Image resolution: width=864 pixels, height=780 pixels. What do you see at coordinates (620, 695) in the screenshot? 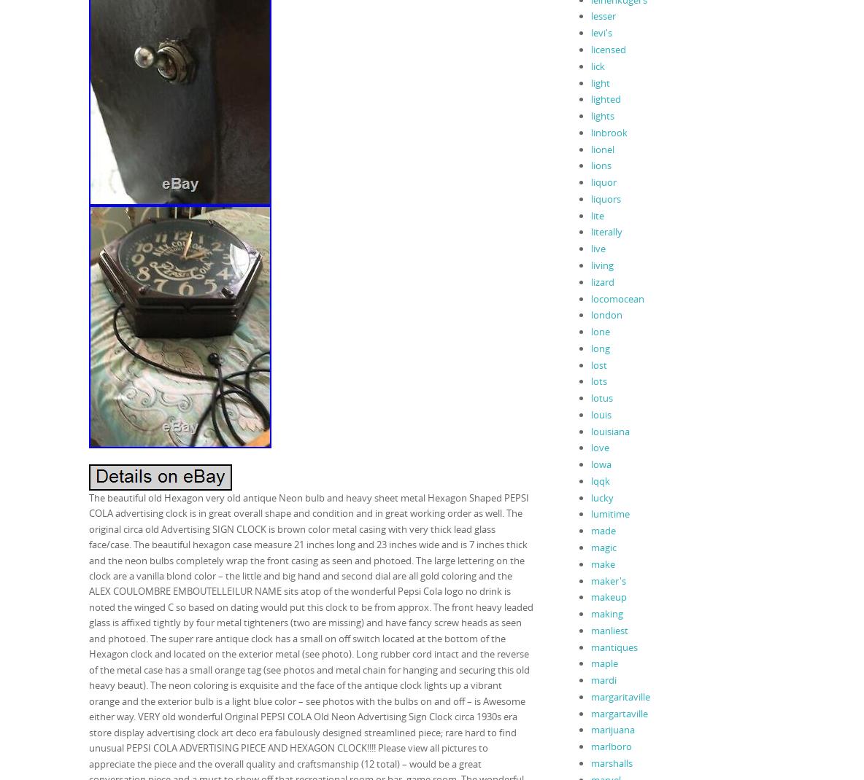
I see `'margaritaville'` at bounding box center [620, 695].